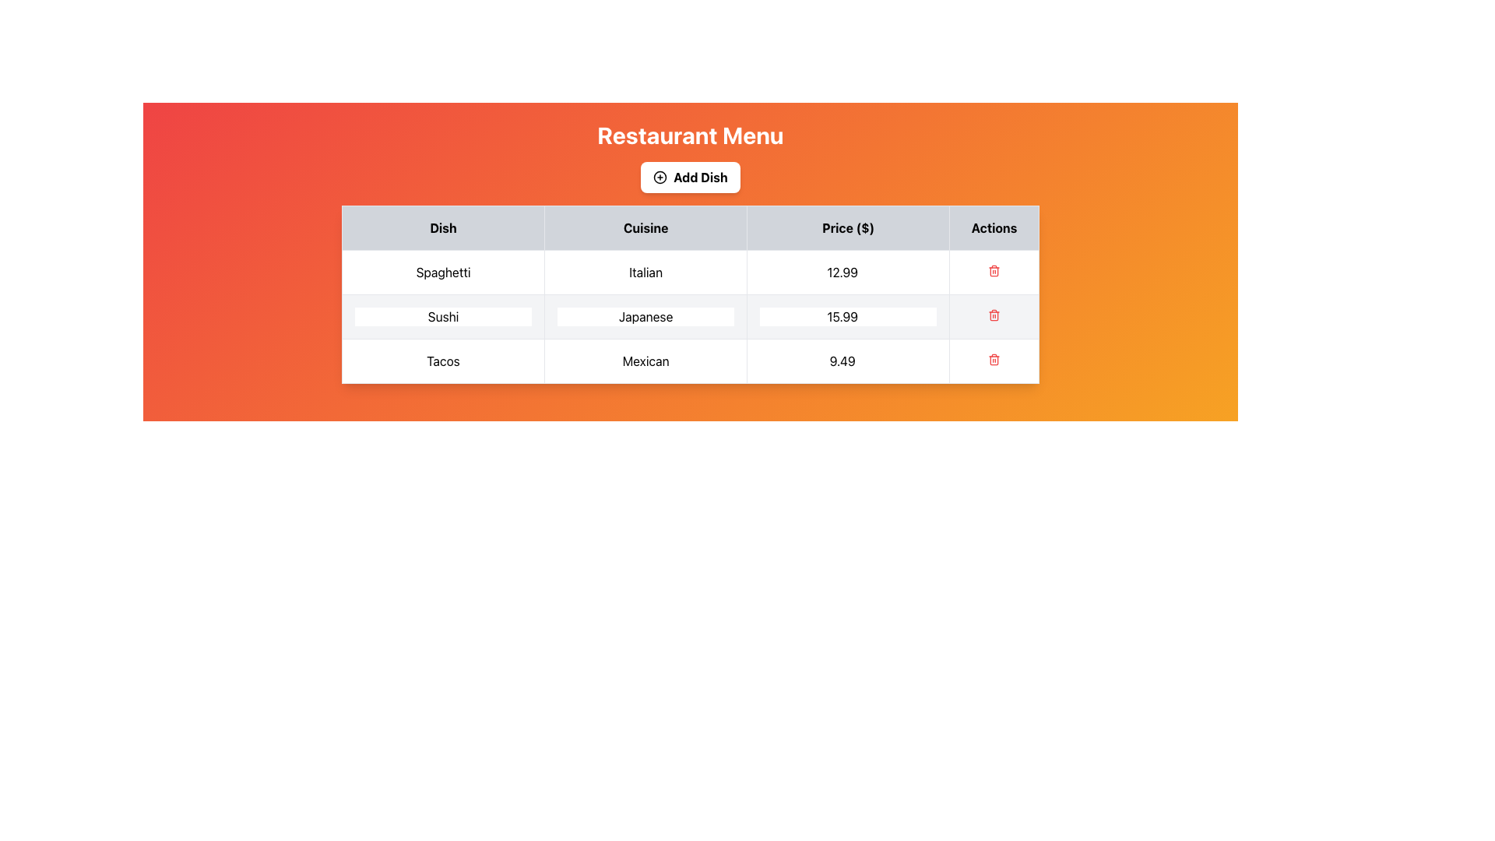  What do you see at coordinates (645, 228) in the screenshot?
I see `the 'Cuisine' header text label in the table, which is the second cell in the header row, positioned between 'Dish' and 'Price ($)'` at bounding box center [645, 228].